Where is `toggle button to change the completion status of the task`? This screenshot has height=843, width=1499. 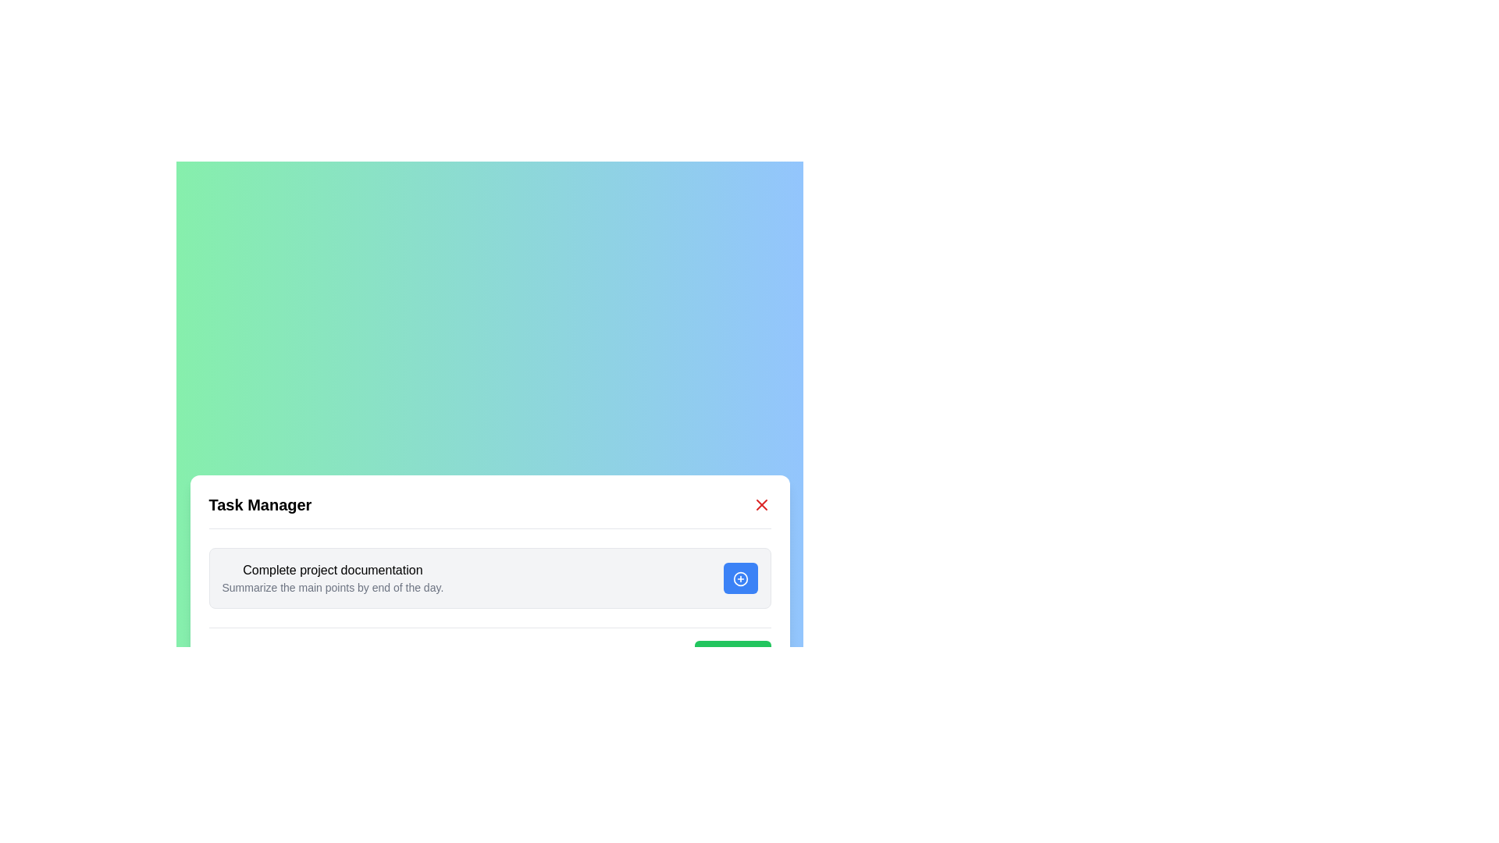 toggle button to change the completion status of the task is located at coordinates (739, 578).